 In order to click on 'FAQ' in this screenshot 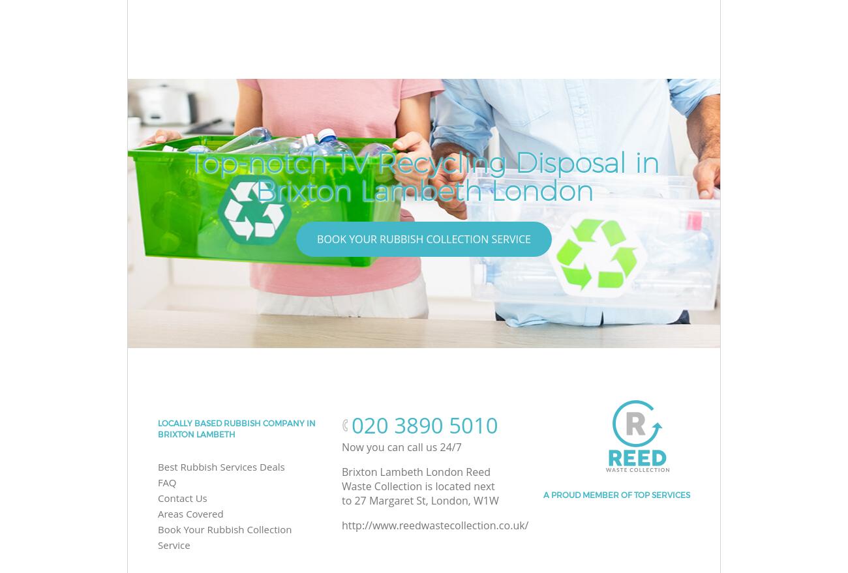, I will do `click(166, 480)`.